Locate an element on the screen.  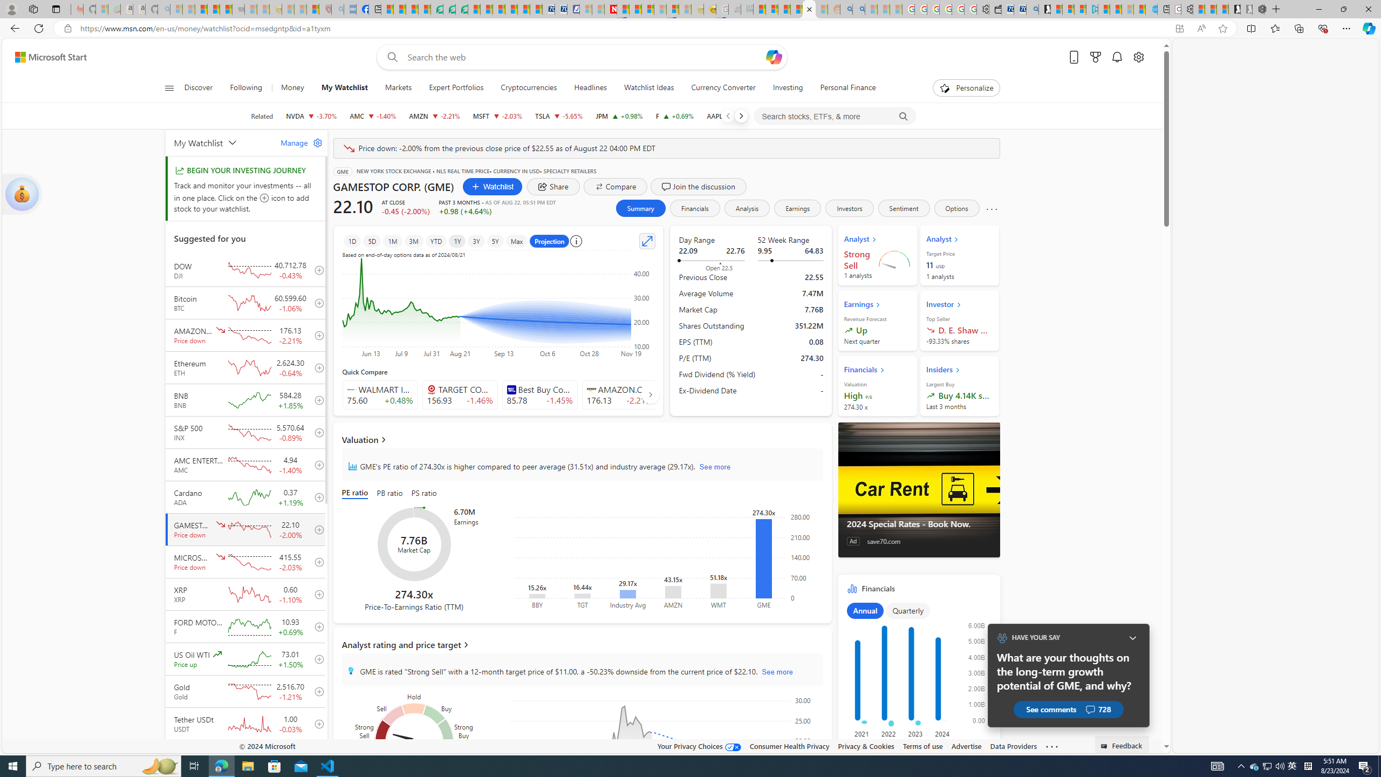
'Investing' is located at coordinates (787, 87).